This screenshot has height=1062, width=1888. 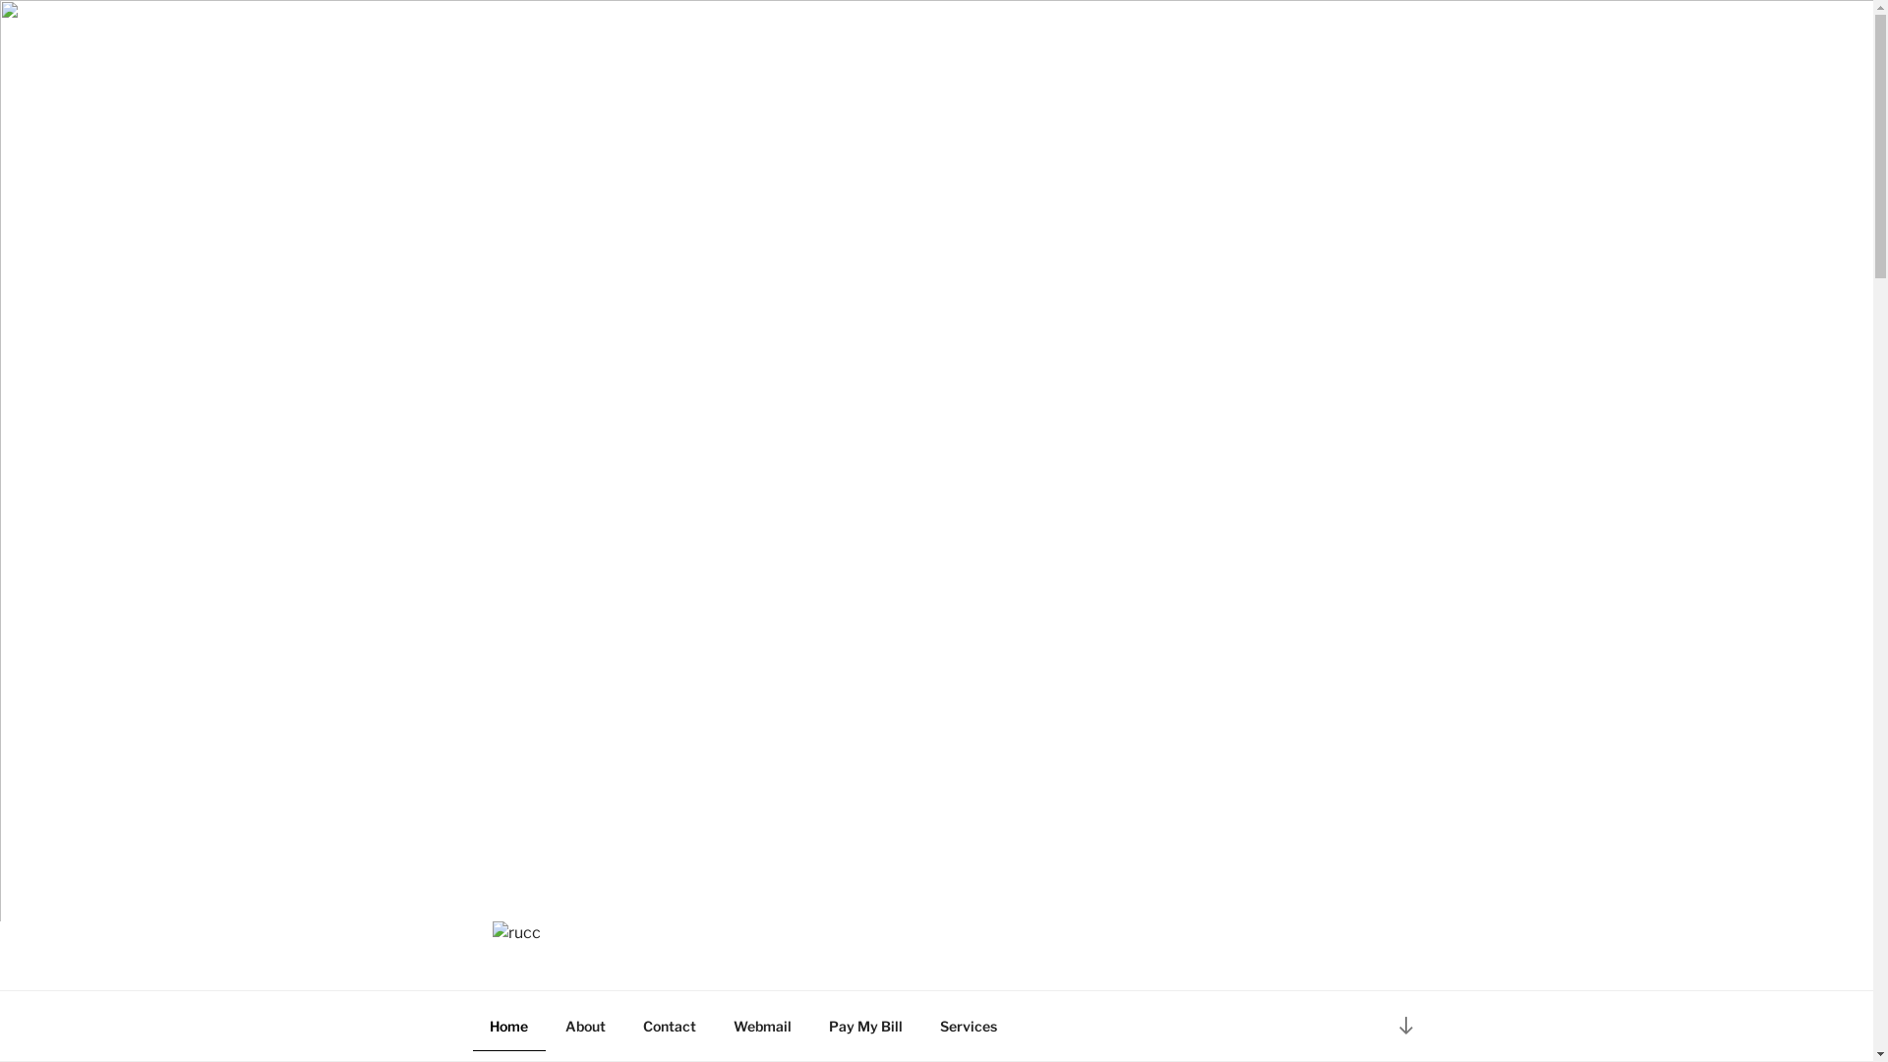 What do you see at coordinates (548, 966) in the screenshot?
I see `'RUCC'` at bounding box center [548, 966].